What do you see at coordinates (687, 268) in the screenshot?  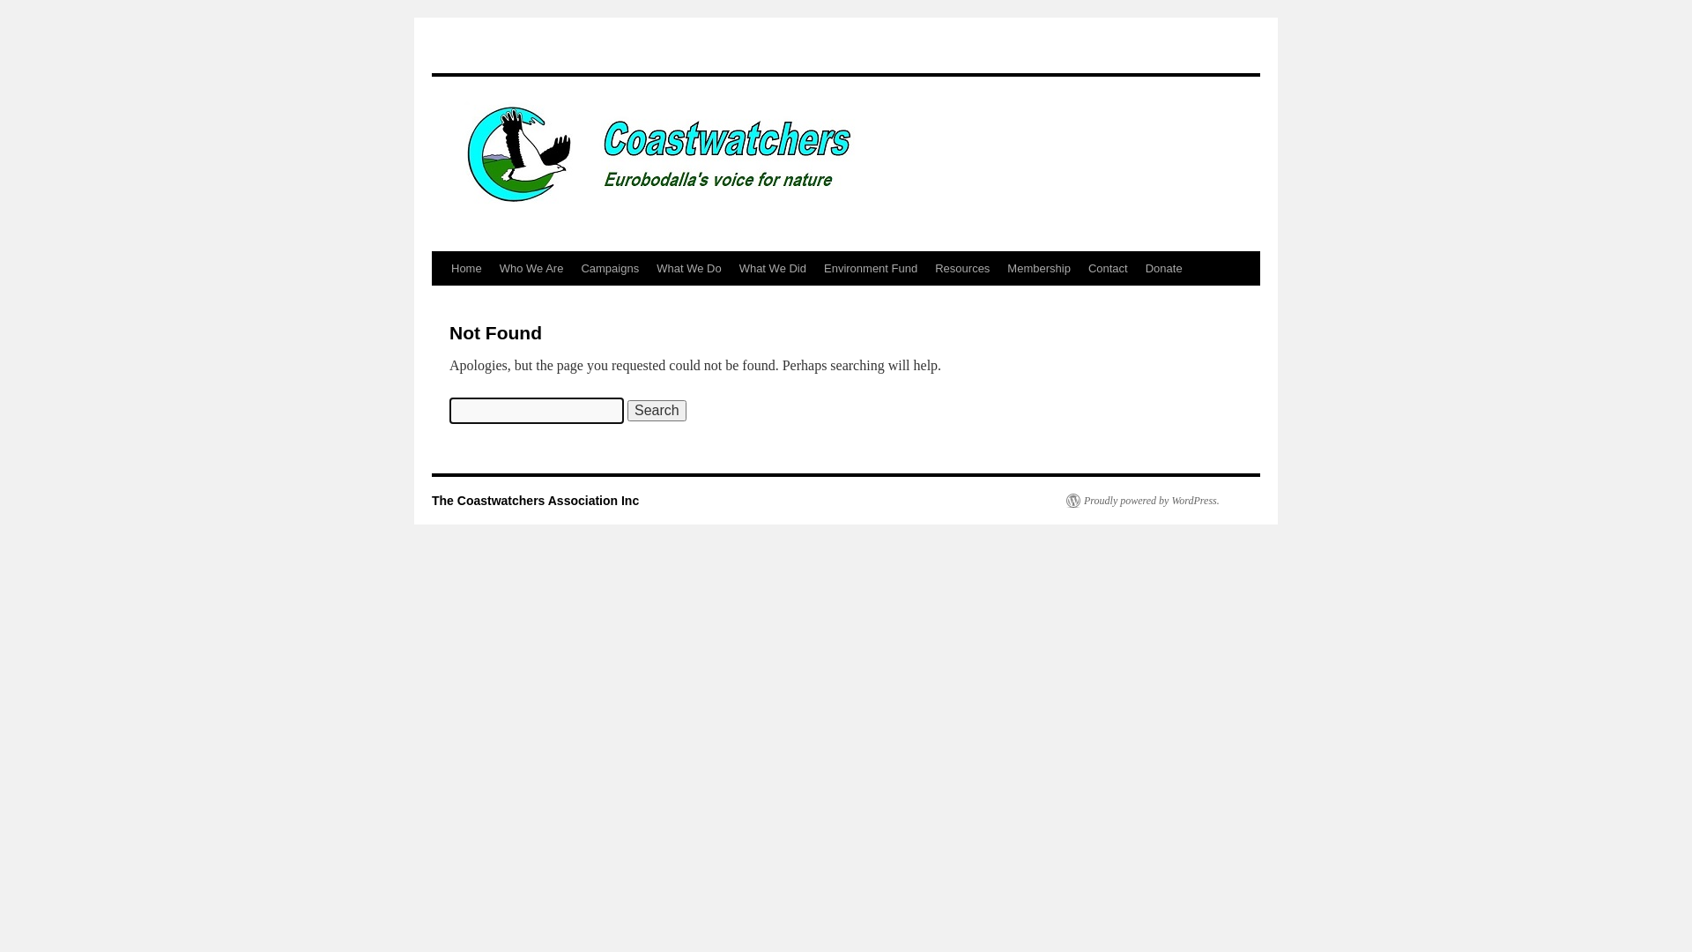 I see `'What We Do'` at bounding box center [687, 268].